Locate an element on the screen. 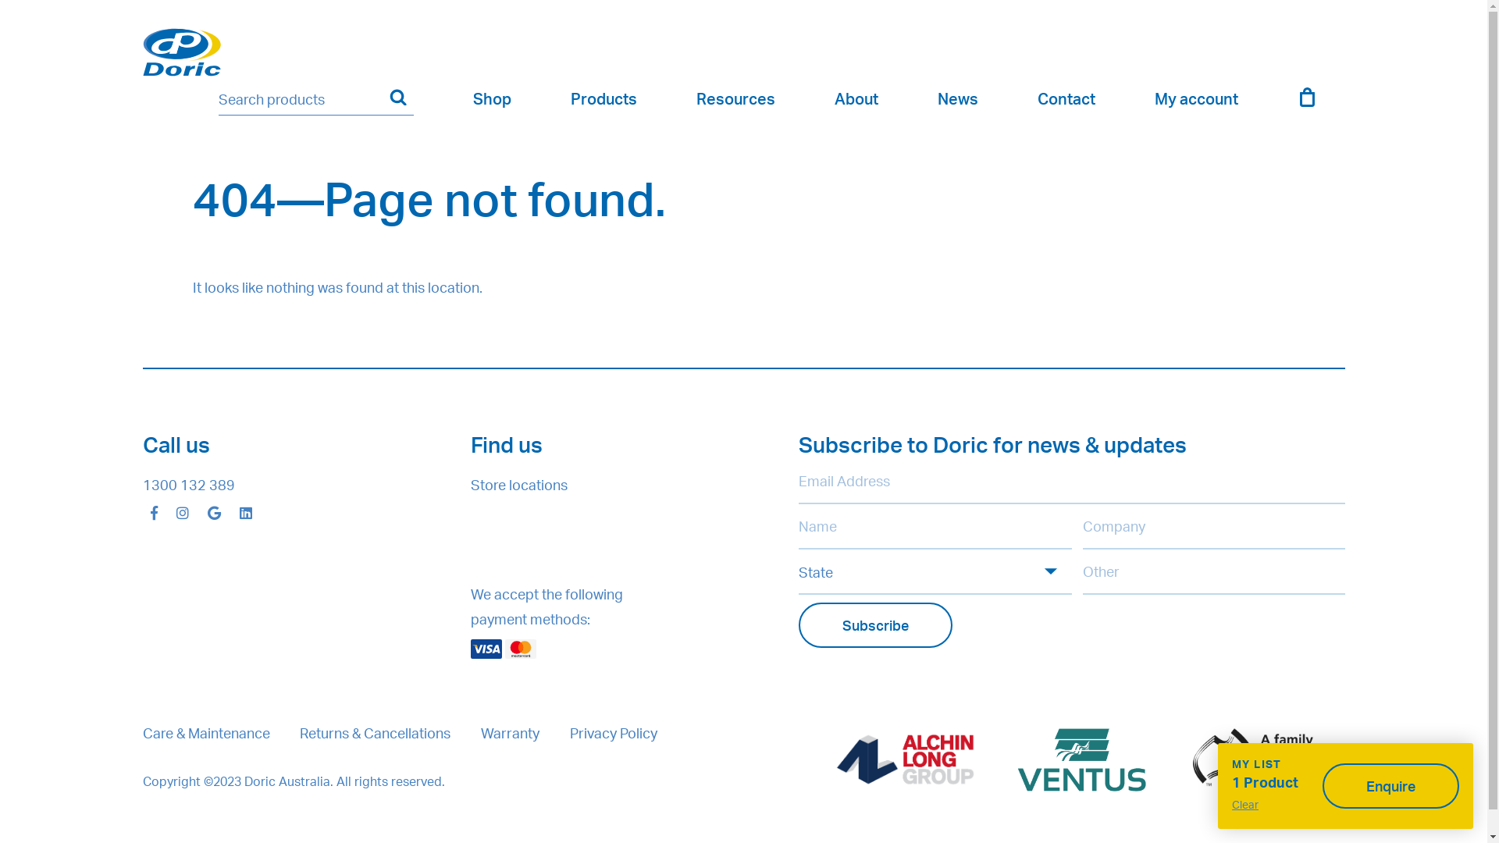  'Warranty' is located at coordinates (510, 732).